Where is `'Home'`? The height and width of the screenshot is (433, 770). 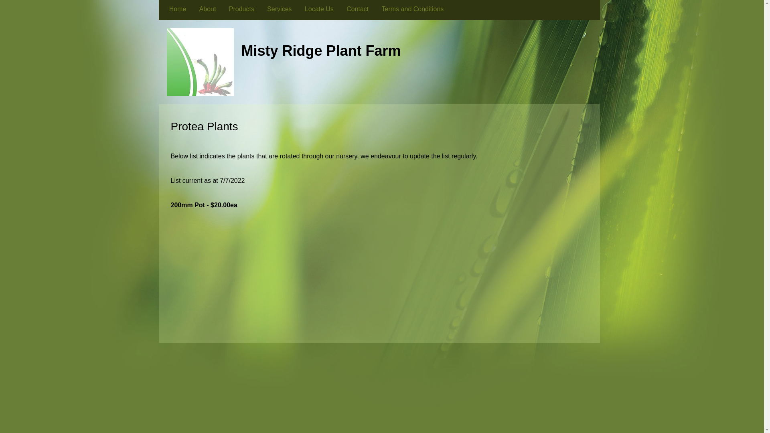 'Home' is located at coordinates (177, 9).